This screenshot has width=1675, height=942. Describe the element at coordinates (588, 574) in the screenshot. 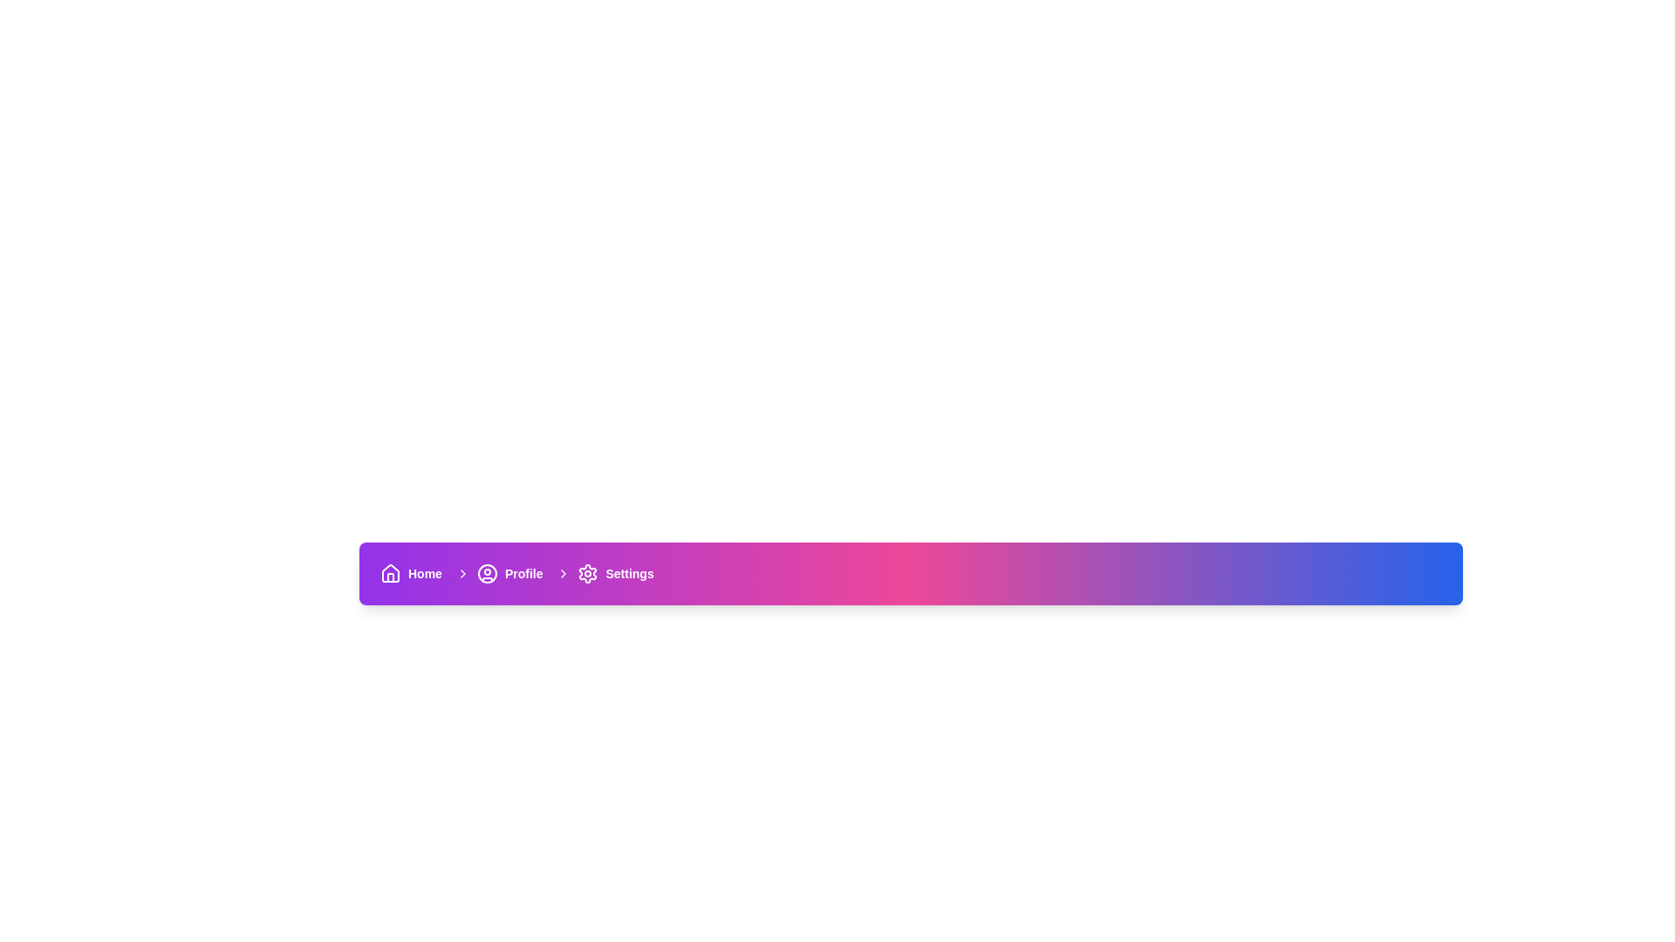

I see `the gear-shaped icon in the bottom navigation bar` at that location.